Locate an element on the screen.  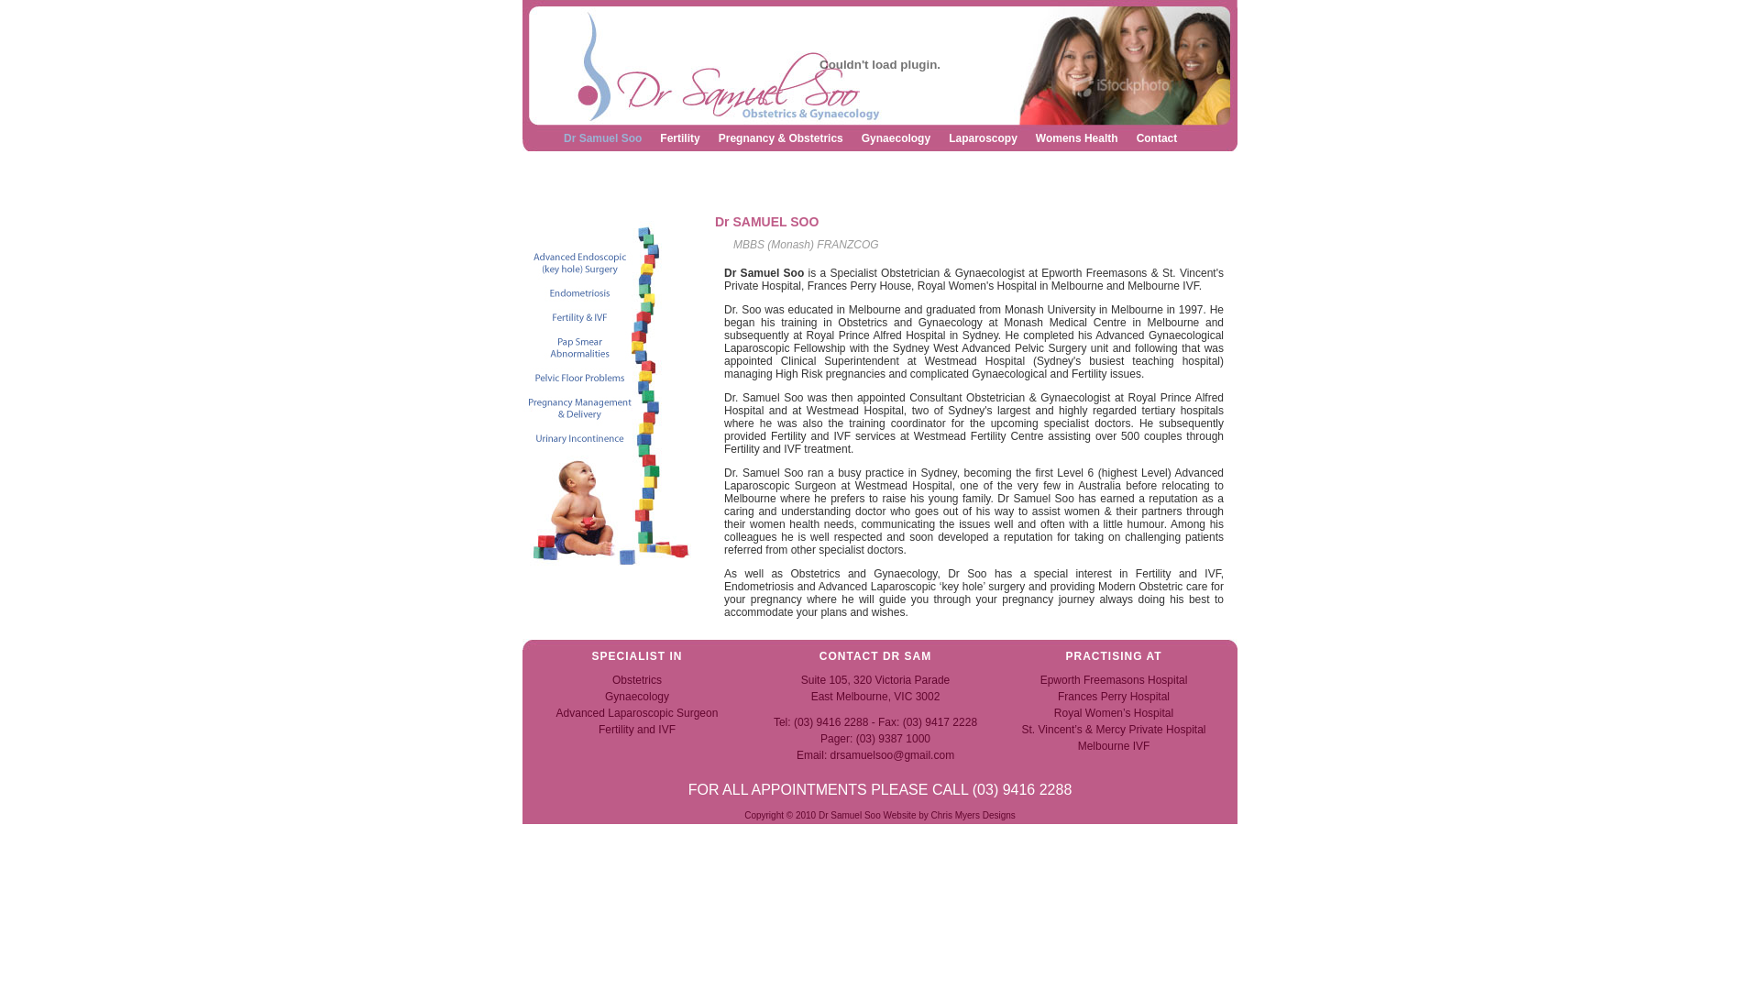
'Womens Health' is located at coordinates (1035, 137).